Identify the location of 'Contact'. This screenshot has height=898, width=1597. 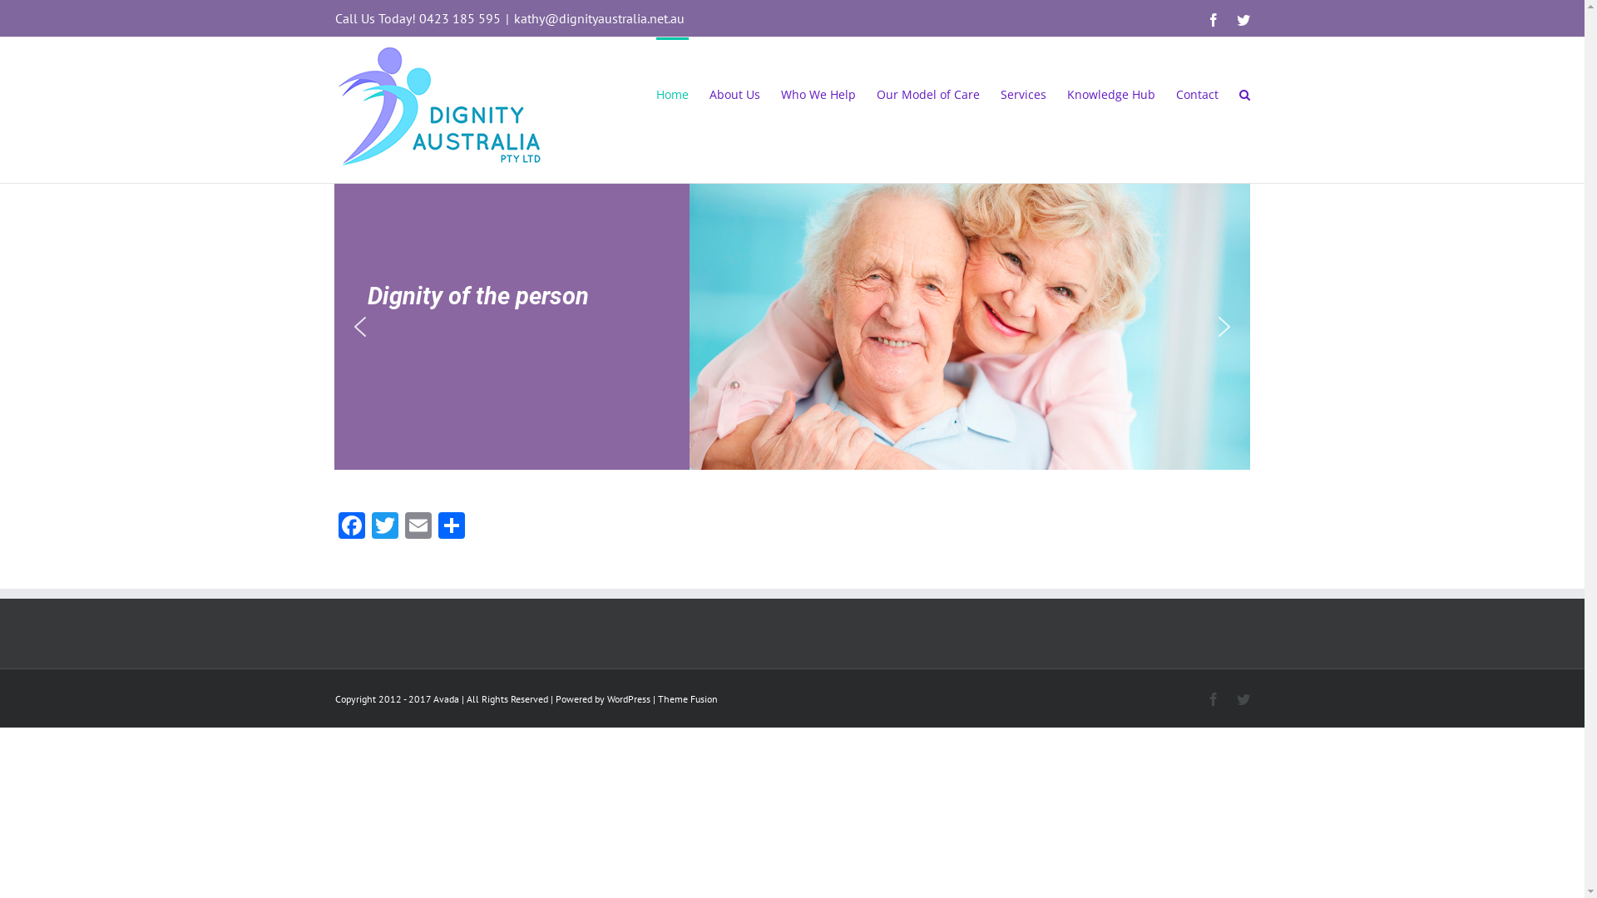
(1175, 93).